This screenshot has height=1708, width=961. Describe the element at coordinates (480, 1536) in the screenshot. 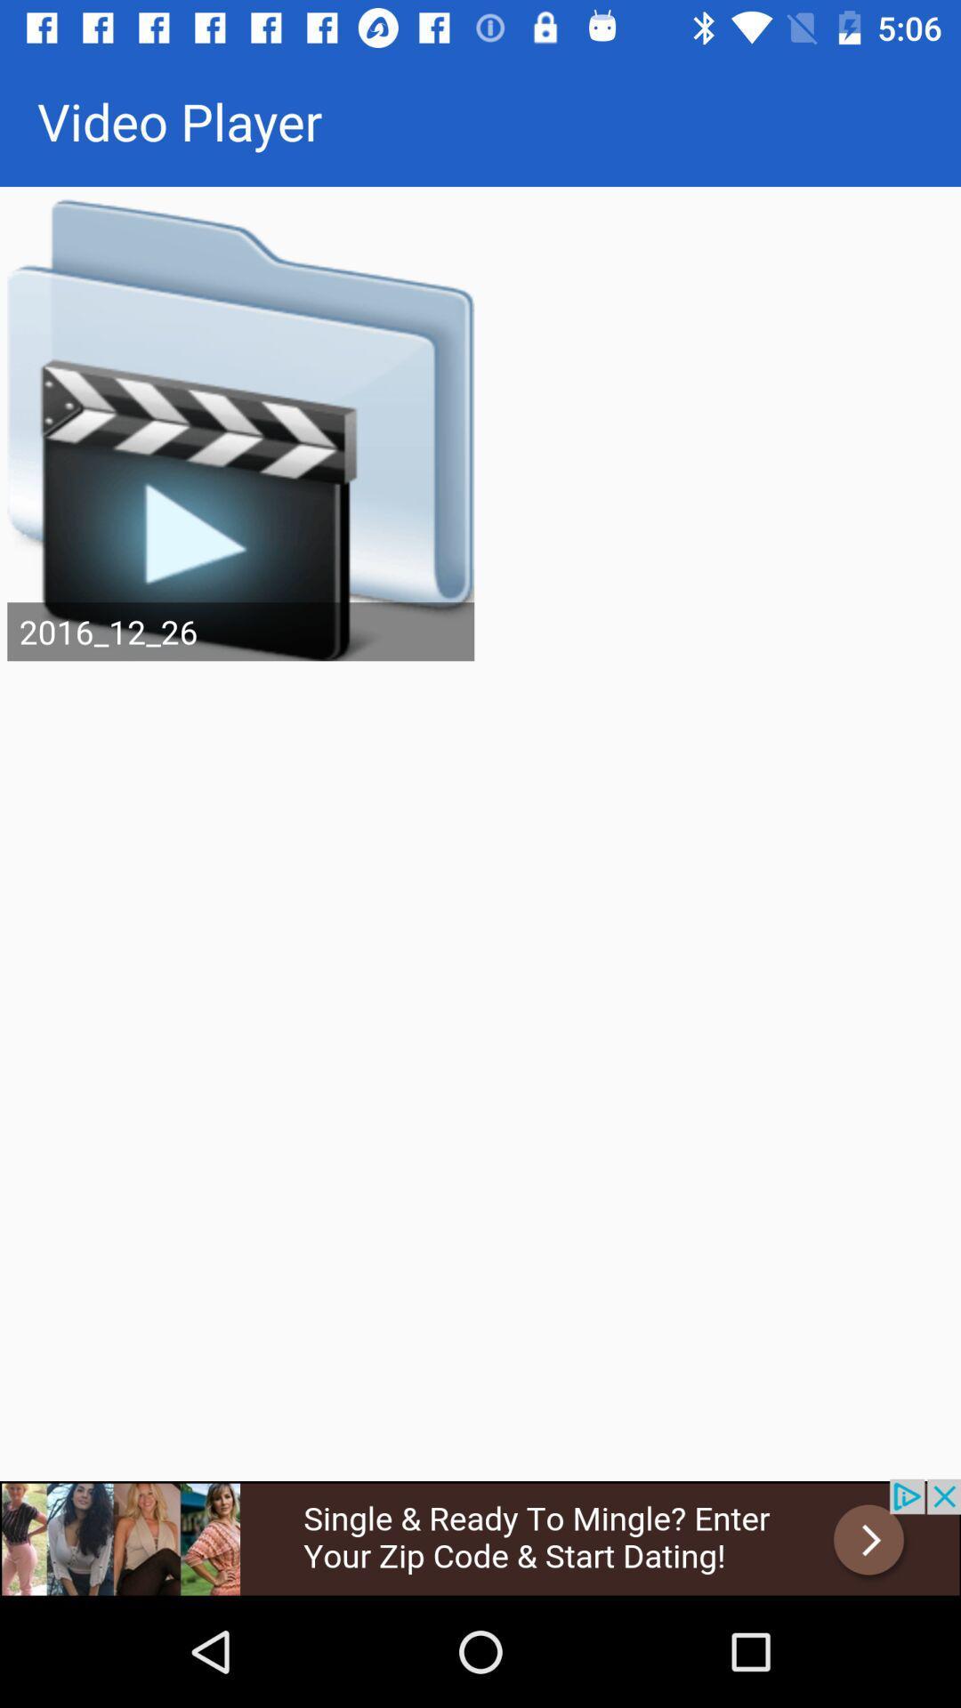

I see `open advertisements website` at that location.